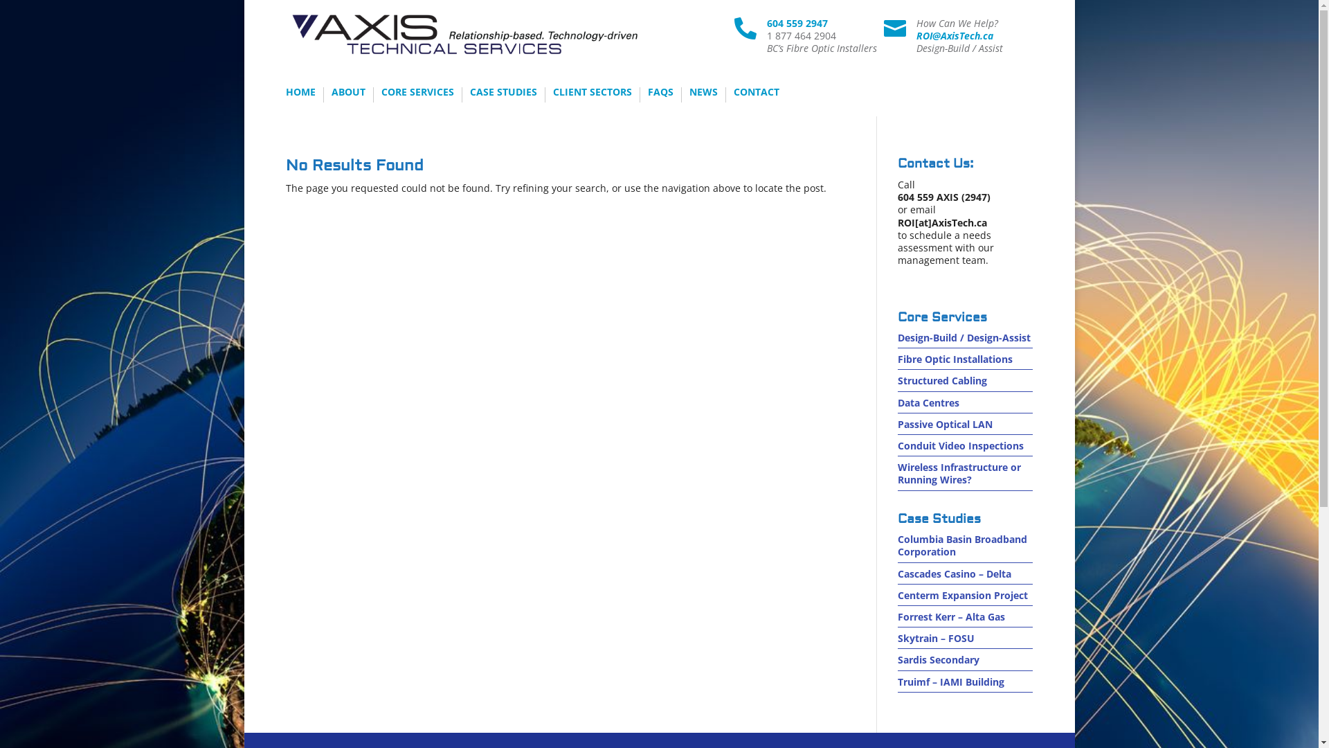  What do you see at coordinates (284, 94) in the screenshot?
I see `'HOME'` at bounding box center [284, 94].